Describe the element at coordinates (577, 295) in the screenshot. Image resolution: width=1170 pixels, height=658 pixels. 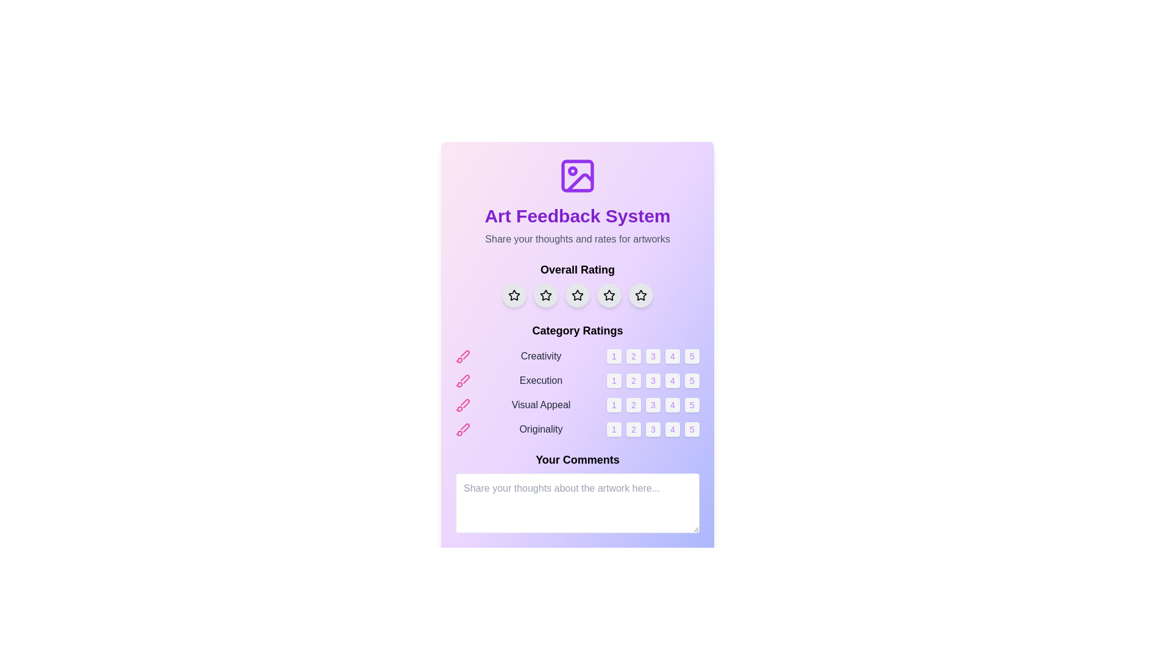
I see `the third star icon in the 'Overall Rating' section` at that location.